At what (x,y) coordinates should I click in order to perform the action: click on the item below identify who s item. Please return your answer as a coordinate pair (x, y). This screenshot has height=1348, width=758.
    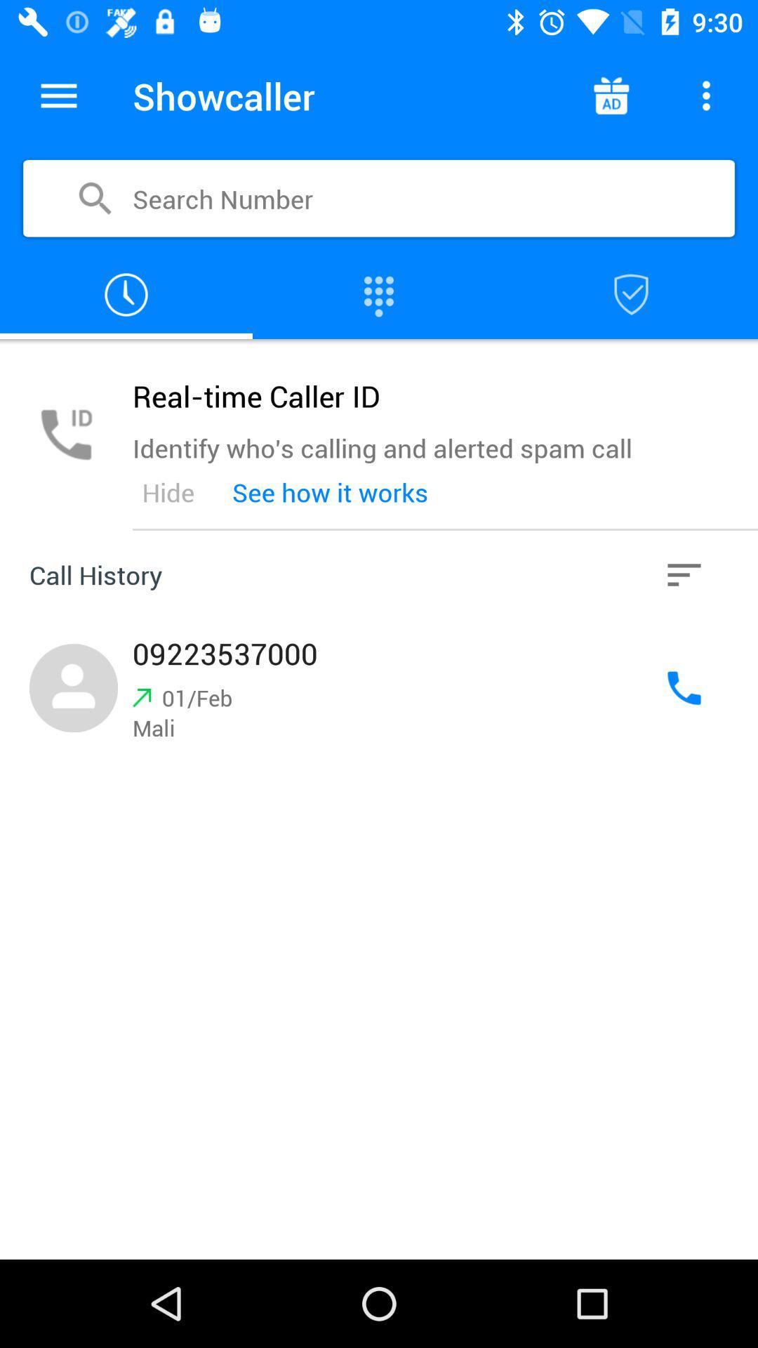
    Looking at the image, I should click on (330, 492).